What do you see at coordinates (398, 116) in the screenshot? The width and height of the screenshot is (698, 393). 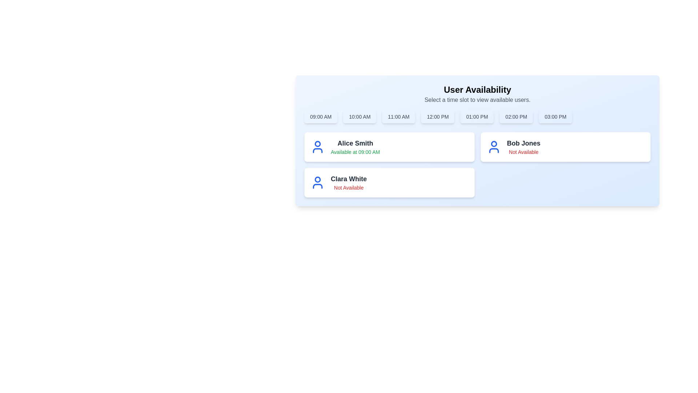 I see `the third time slot button below 'User Availability'` at bounding box center [398, 116].